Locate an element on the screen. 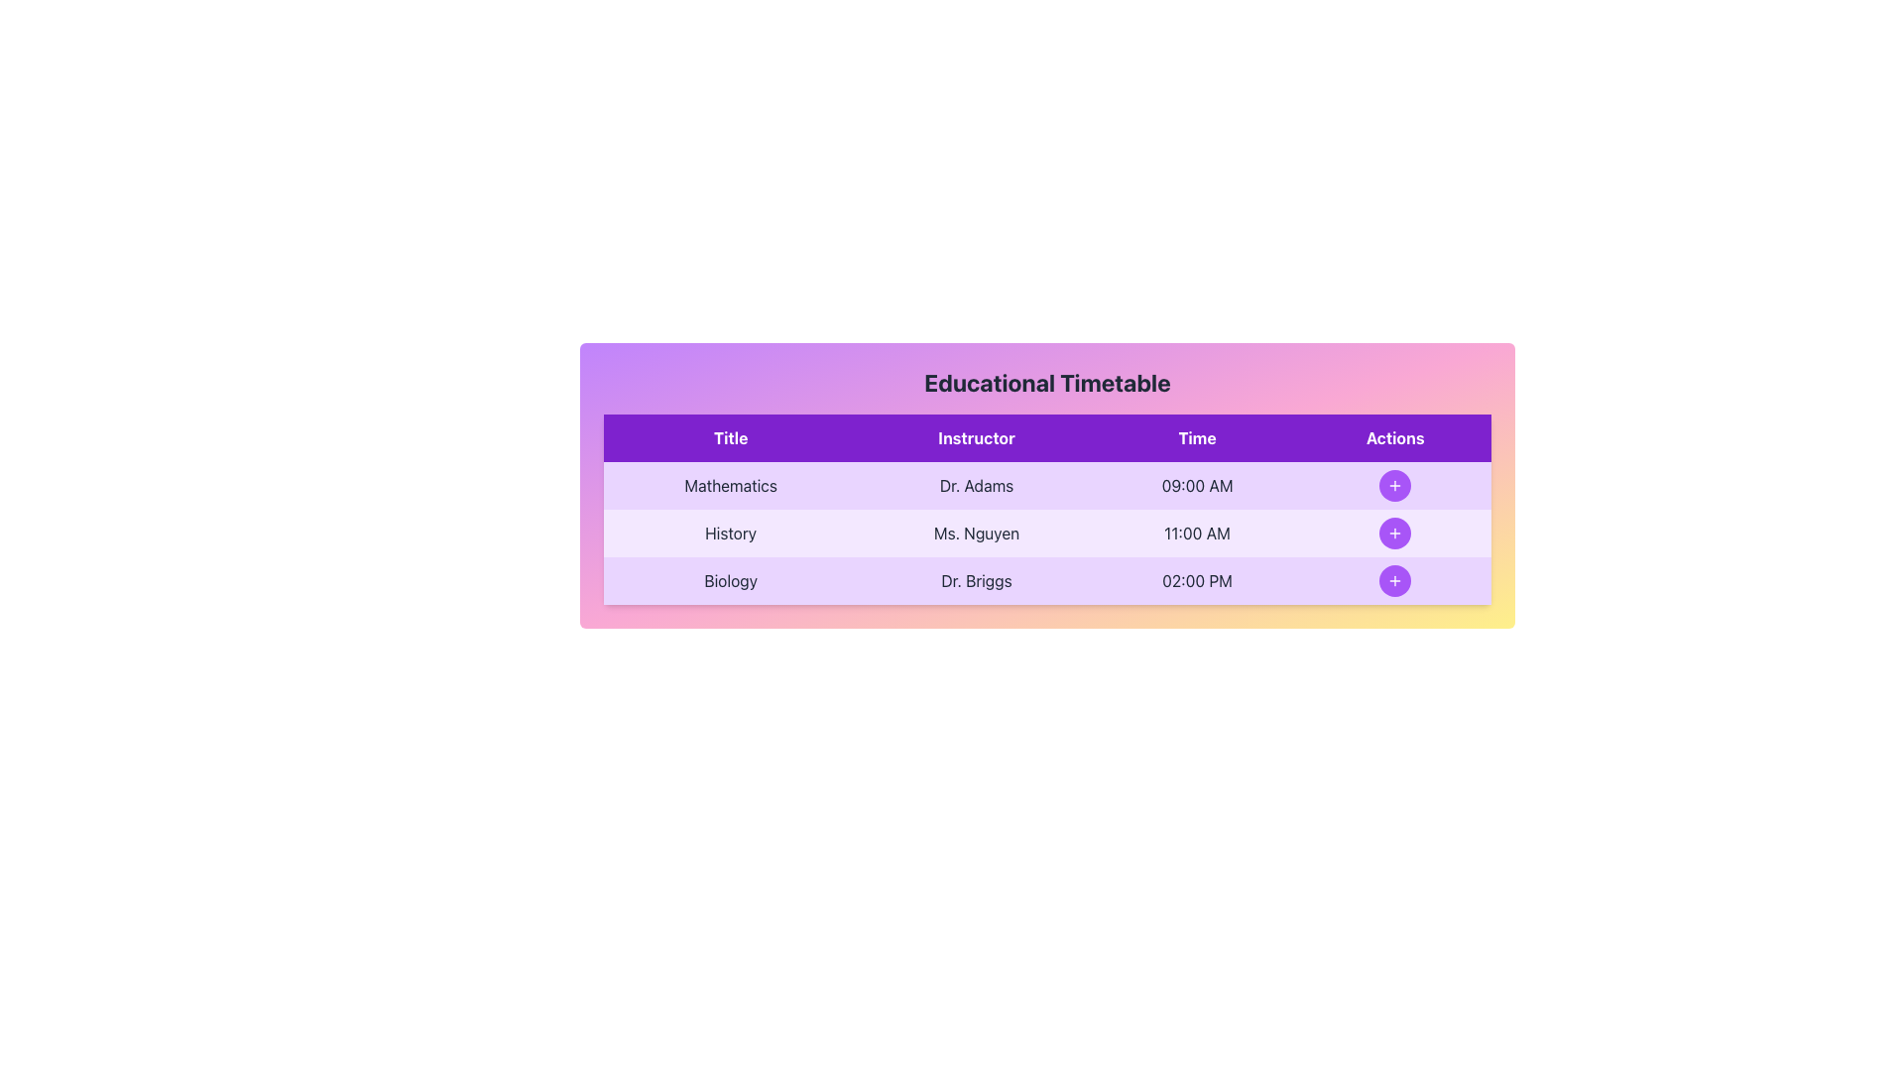  the circular button with a purple background and white plus icon located in the last column of the row labeled 'History', 'Ms. Nguyen', and '11:00 AM' is located at coordinates (1394, 532).